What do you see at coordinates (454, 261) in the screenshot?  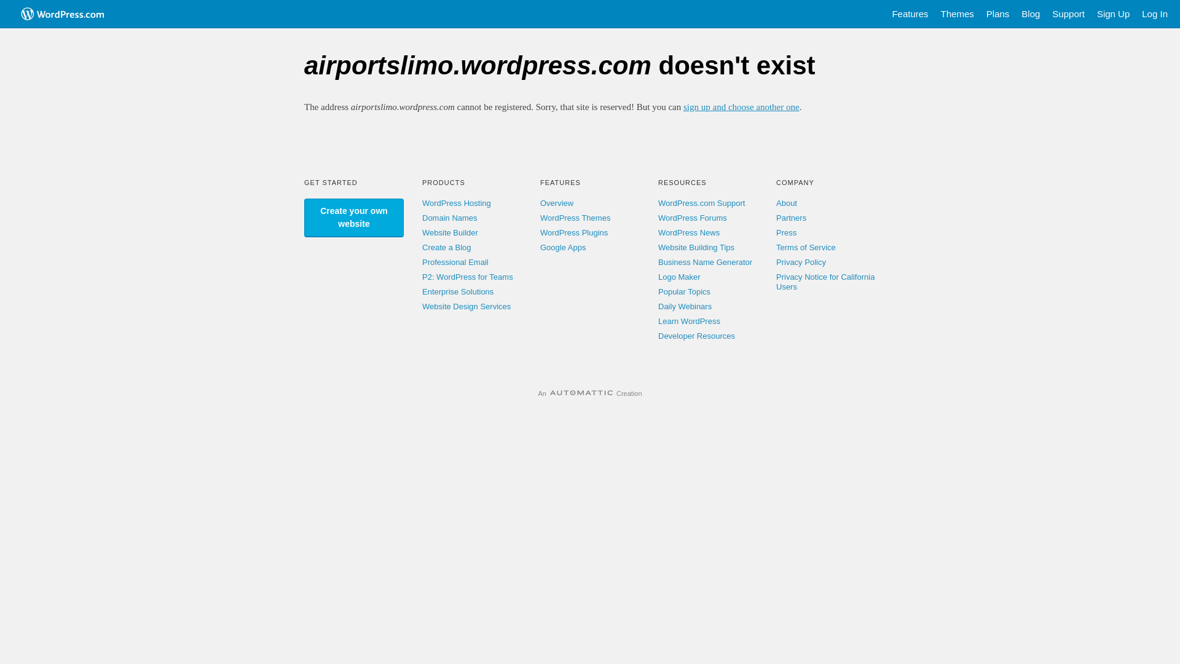 I see `'Professional Email'` at bounding box center [454, 261].